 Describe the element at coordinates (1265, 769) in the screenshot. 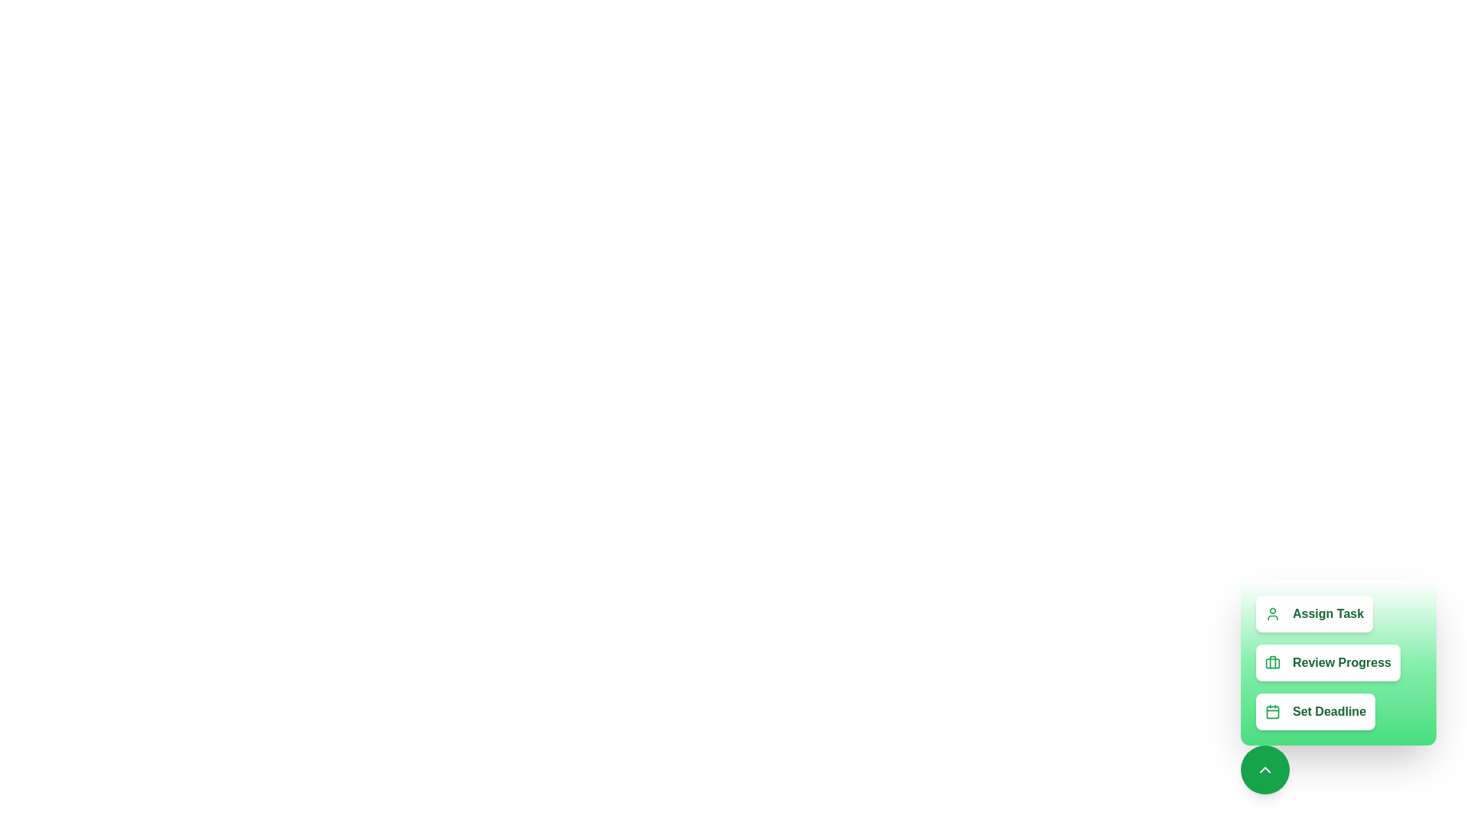

I see `the toggle button to toggle the visibility of the task menu` at that location.